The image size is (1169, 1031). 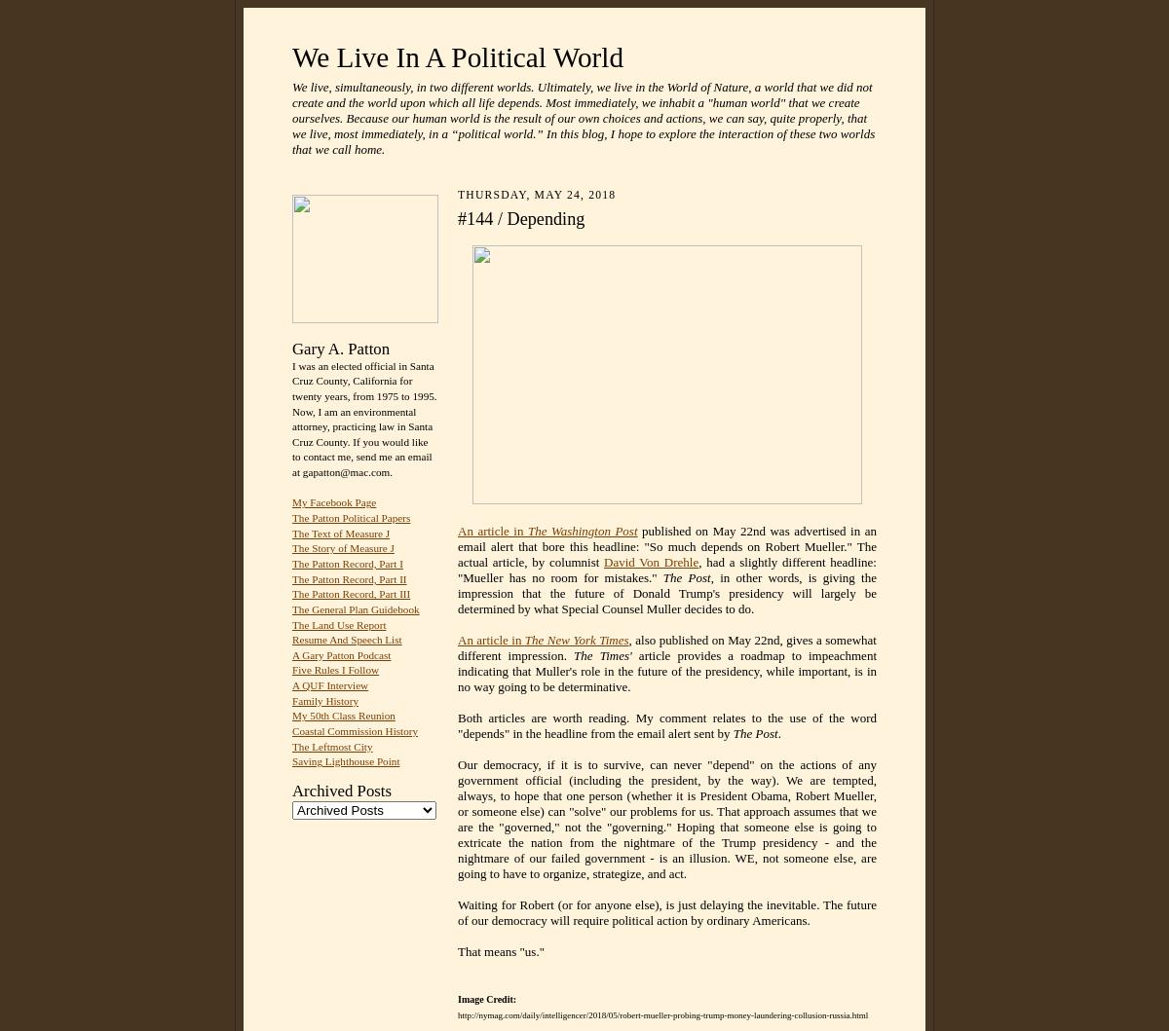 What do you see at coordinates (457, 592) in the screenshot?
I see `', in other words, is giving the impression that the future of Donald Trump's presidency will largely be determined by what Special Counsel Muller decides to do.'` at bounding box center [457, 592].